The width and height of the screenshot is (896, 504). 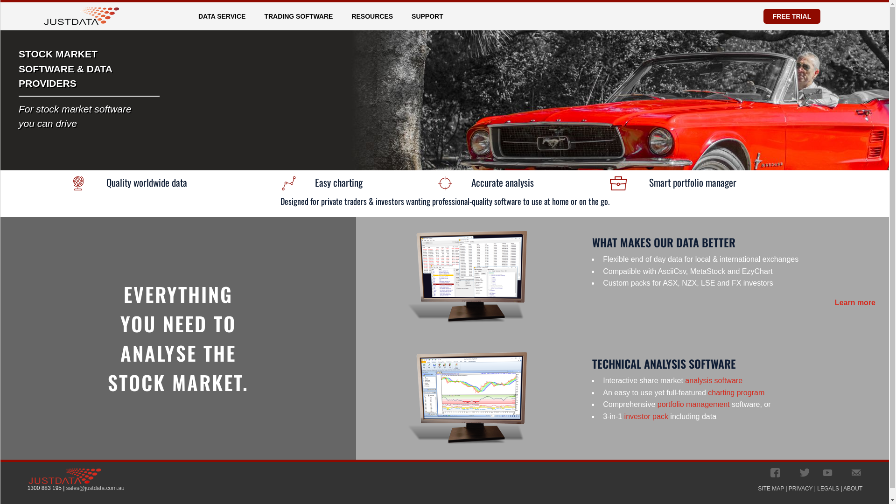 I want to click on ' ', so click(x=856, y=473).